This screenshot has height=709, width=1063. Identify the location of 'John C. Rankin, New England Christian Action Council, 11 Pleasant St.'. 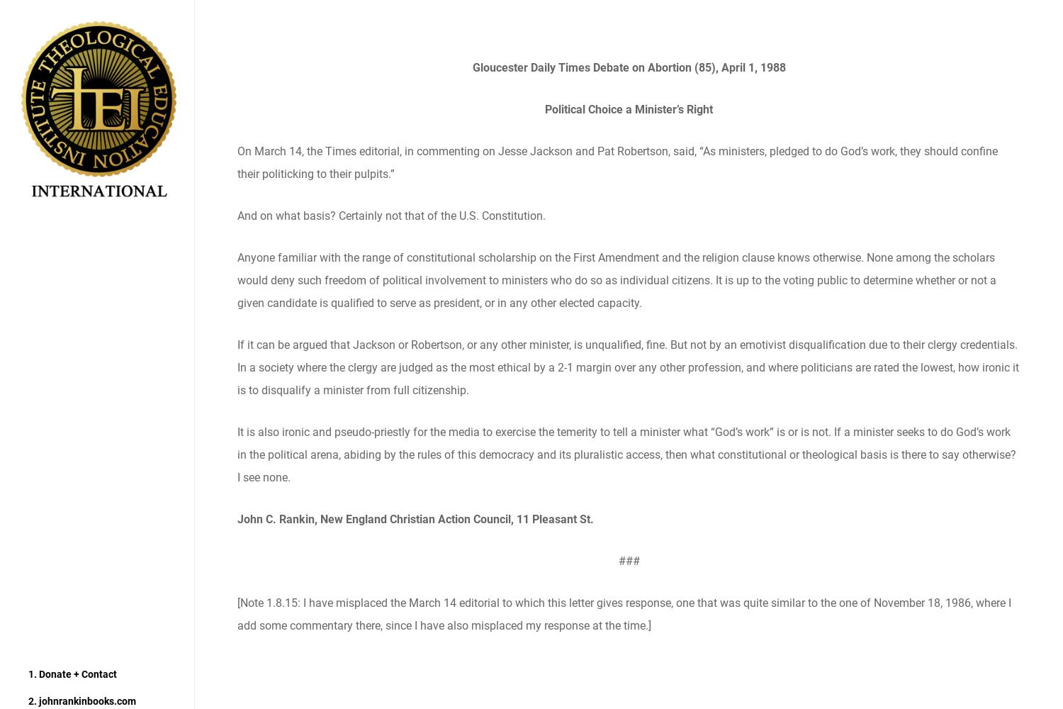
(415, 518).